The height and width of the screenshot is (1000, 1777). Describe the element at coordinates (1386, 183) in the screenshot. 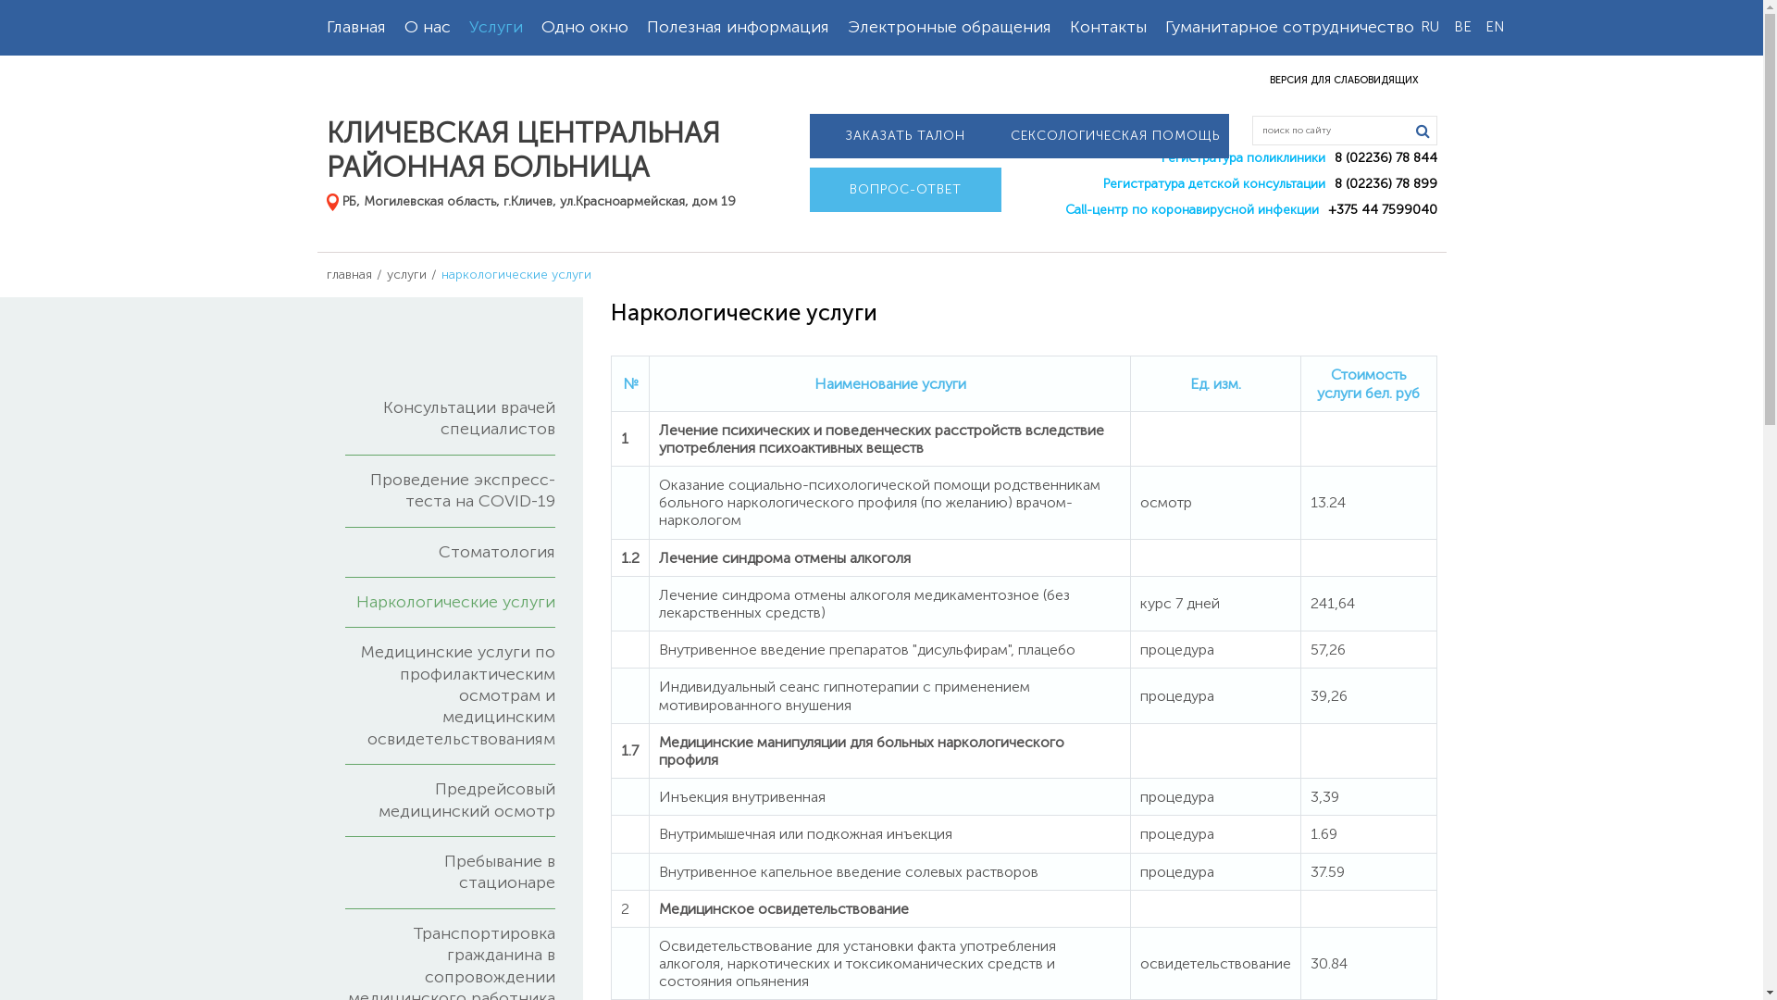

I see `'8 (02236) 78 899'` at that location.